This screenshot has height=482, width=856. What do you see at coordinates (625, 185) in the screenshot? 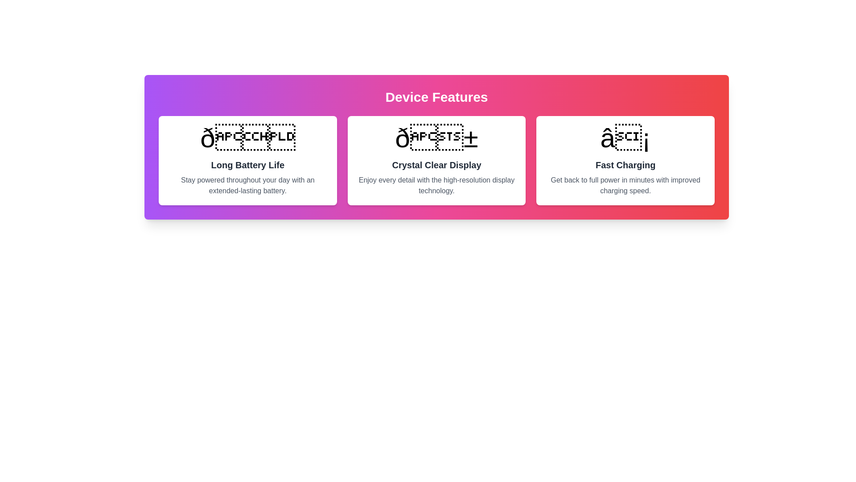
I see `the text label that provides additional details about the 'Fast Charging' feature, positioned at the bottom of the third card in a horizontal layout` at bounding box center [625, 185].